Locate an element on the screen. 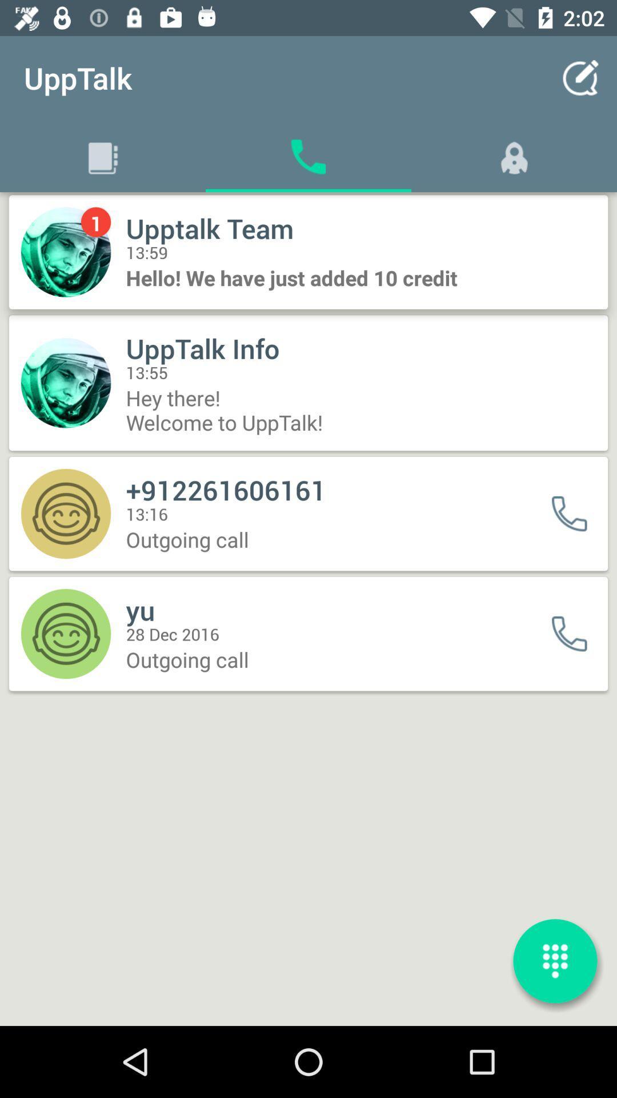 This screenshot has width=617, height=1098. dial pad option is located at coordinates (555, 961).